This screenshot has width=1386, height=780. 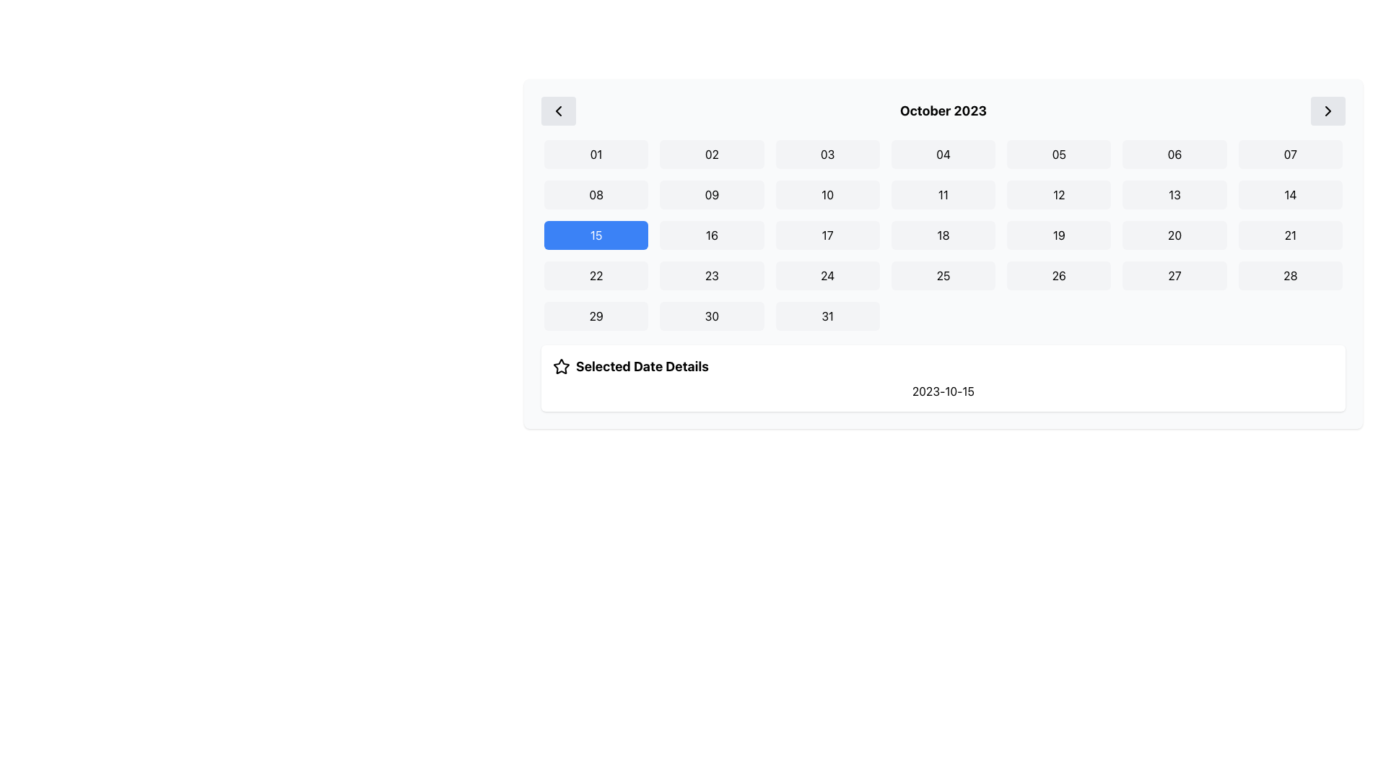 What do you see at coordinates (596, 235) in the screenshot?
I see `the button representing the fifteenth day of the calendar month` at bounding box center [596, 235].